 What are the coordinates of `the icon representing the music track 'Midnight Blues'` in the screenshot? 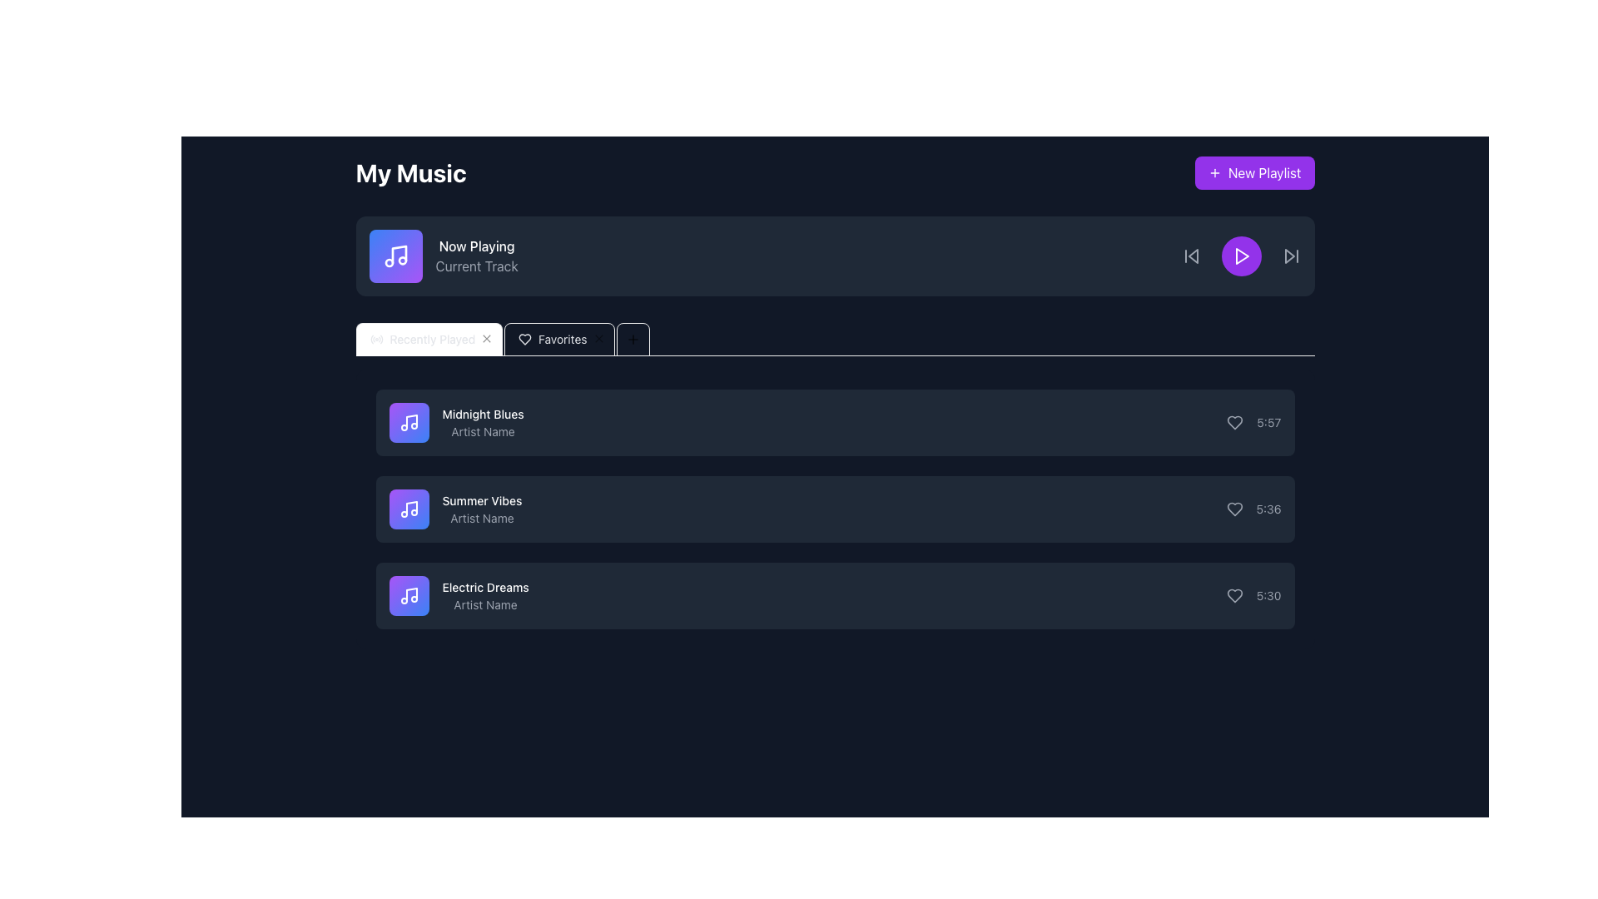 It's located at (409, 422).